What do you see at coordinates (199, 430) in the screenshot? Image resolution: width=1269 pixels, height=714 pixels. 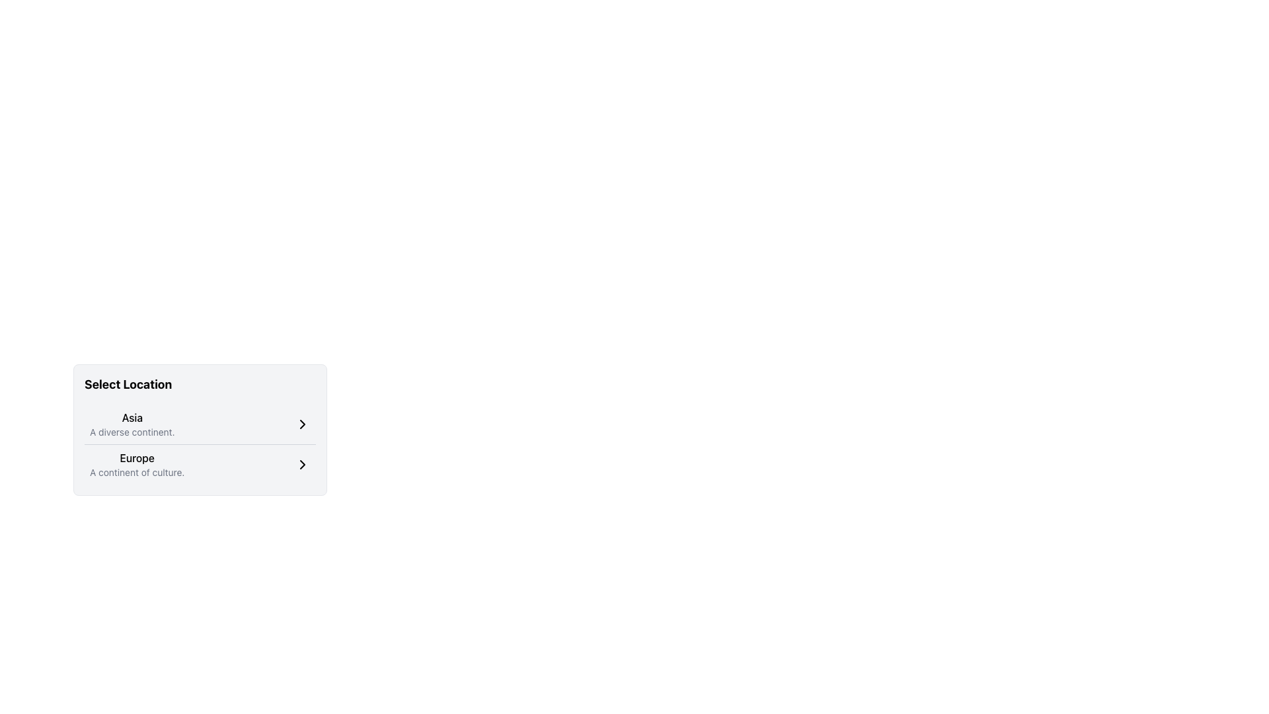 I see `the displayed descriptions on the 'Select Location' card containing selectable items with descriptions and actionable icons, which has a header in bold font and two selectable rows` at bounding box center [199, 430].